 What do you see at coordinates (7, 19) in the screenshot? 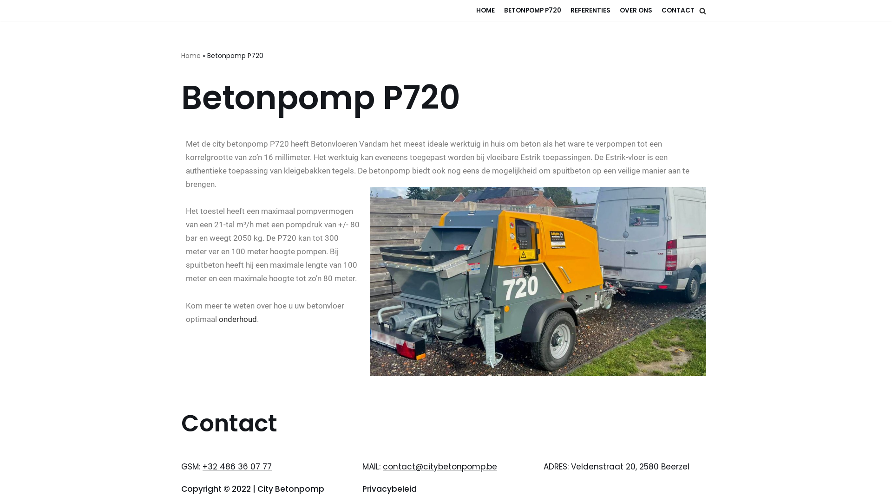
I see `'Meteen naar de inhoud'` at bounding box center [7, 19].